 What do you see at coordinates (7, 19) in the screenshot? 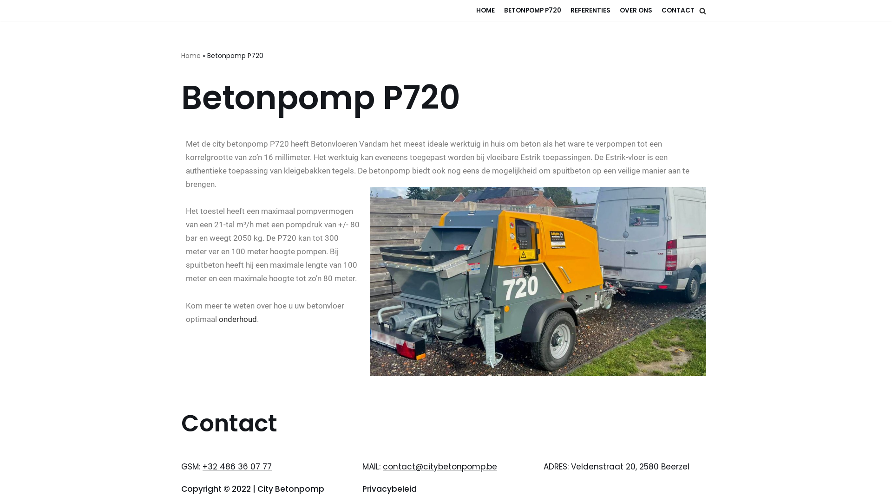
I see `'Meteen naar de inhoud'` at bounding box center [7, 19].